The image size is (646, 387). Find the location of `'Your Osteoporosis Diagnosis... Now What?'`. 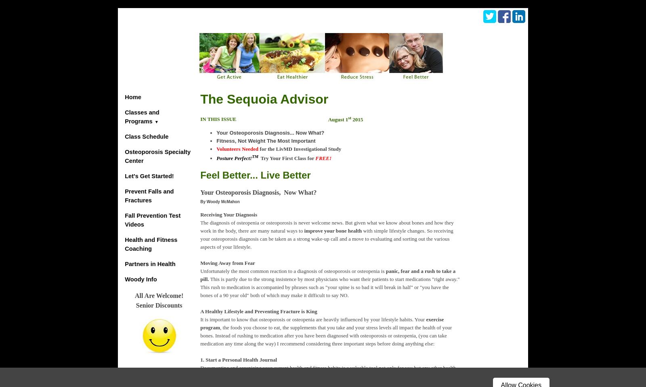

'Your Osteoporosis Diagnosis... Now What?' is located at coordinates (270, 132).